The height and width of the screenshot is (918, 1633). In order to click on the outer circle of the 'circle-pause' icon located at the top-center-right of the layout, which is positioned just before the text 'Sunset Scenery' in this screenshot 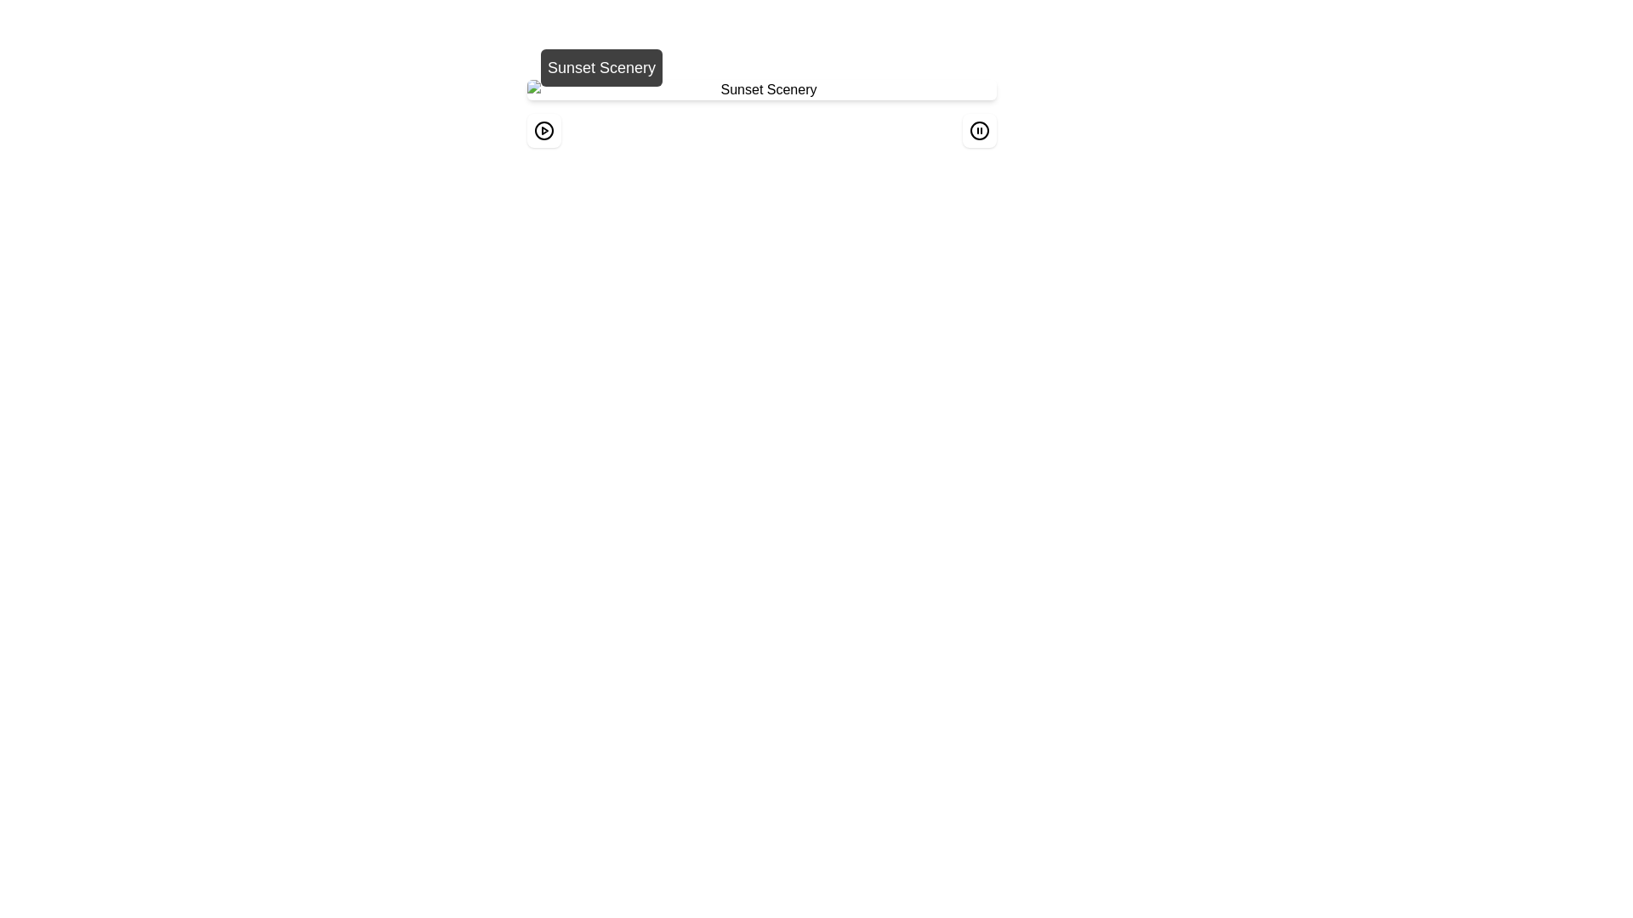, I will do `click(980, 130)`.